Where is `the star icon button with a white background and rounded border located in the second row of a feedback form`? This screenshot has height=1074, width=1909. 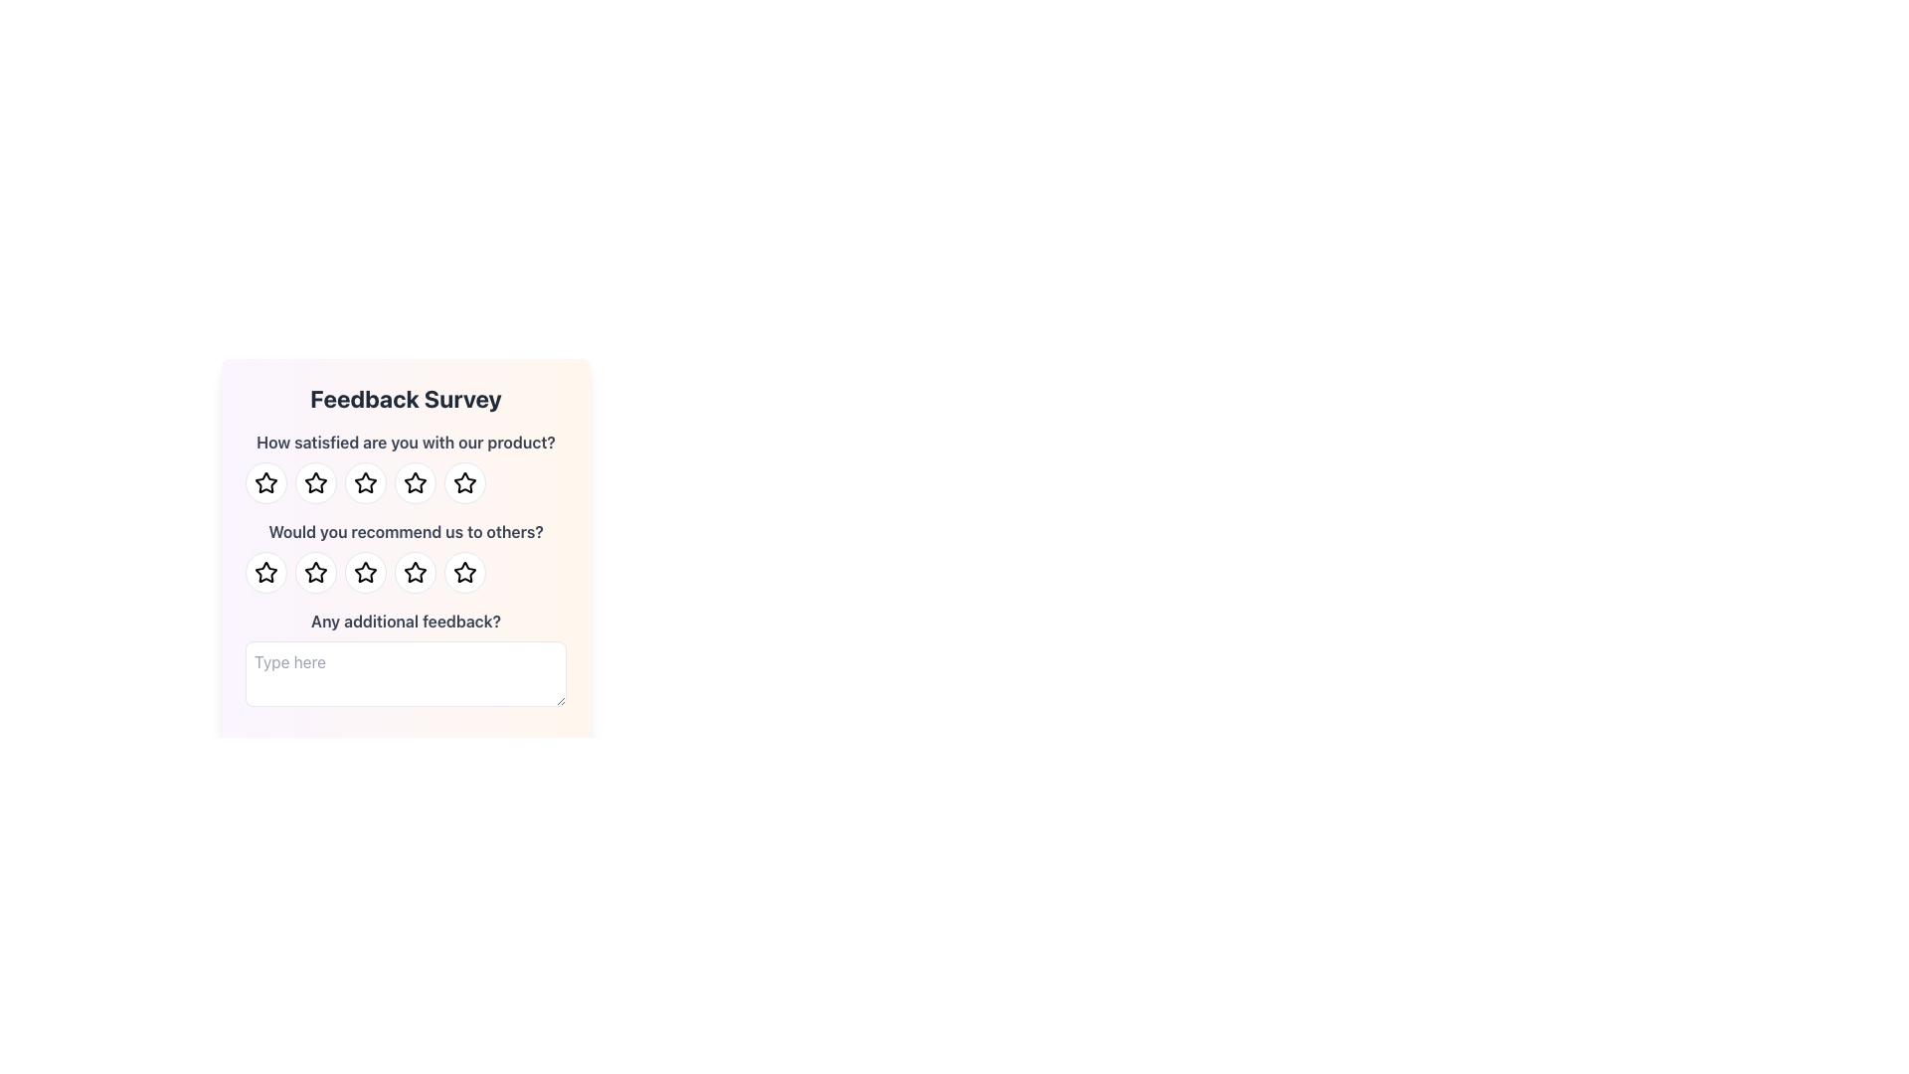
the star icon button with a white background and rounded border located in the second row of a feedback form is located at coordinates (463, 572).